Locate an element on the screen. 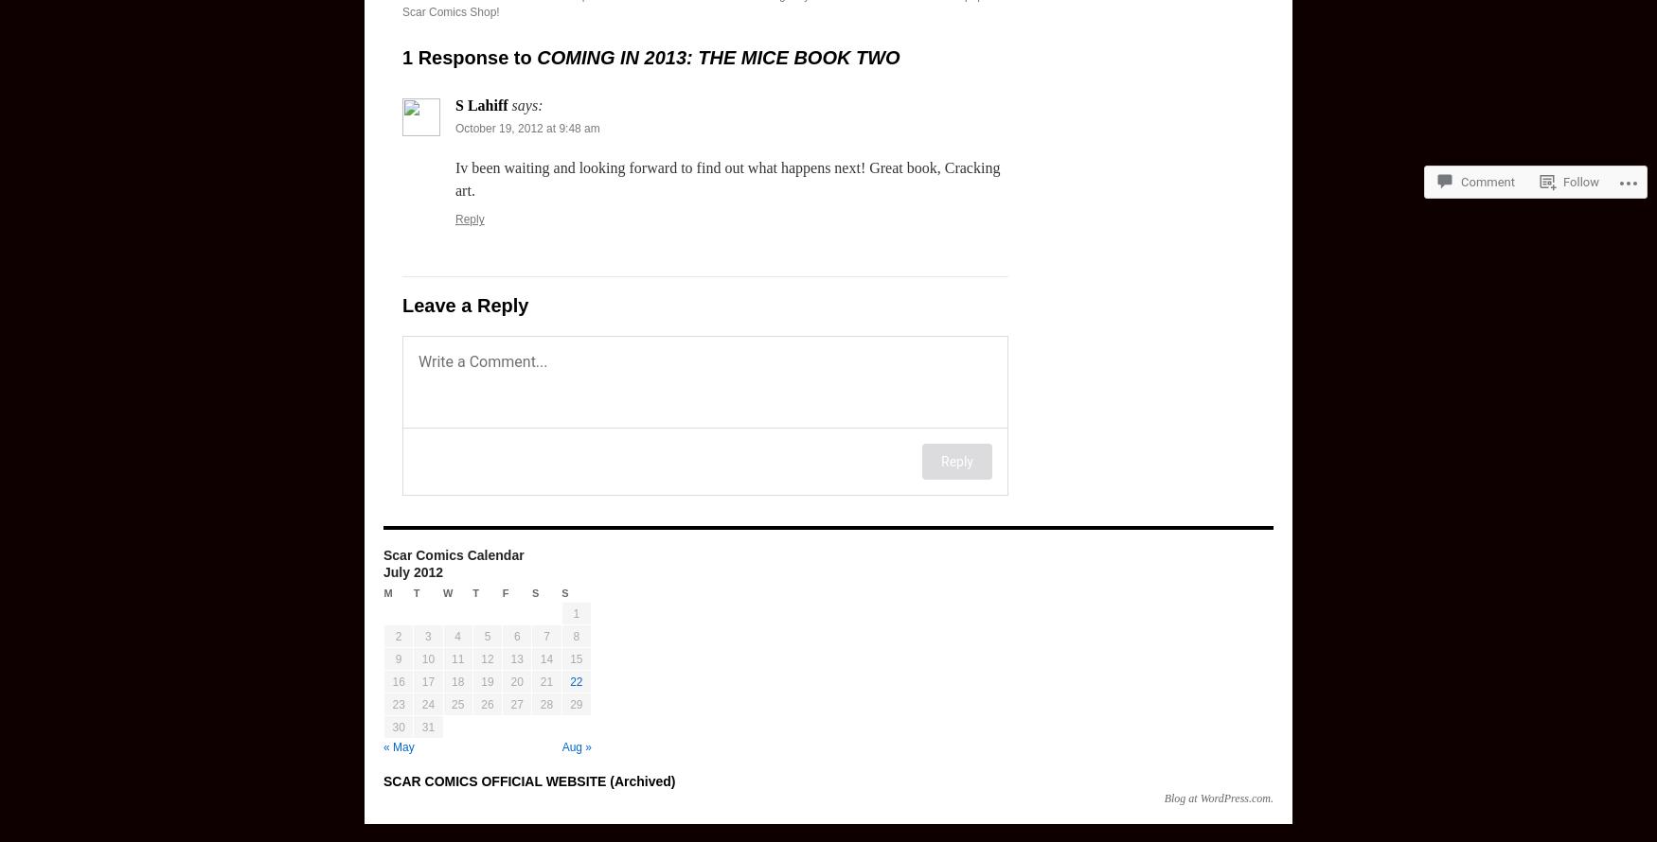 Image resolution: width=1657 pixels, height=842 pixels. 'F' is located at coordinates (504, 593).